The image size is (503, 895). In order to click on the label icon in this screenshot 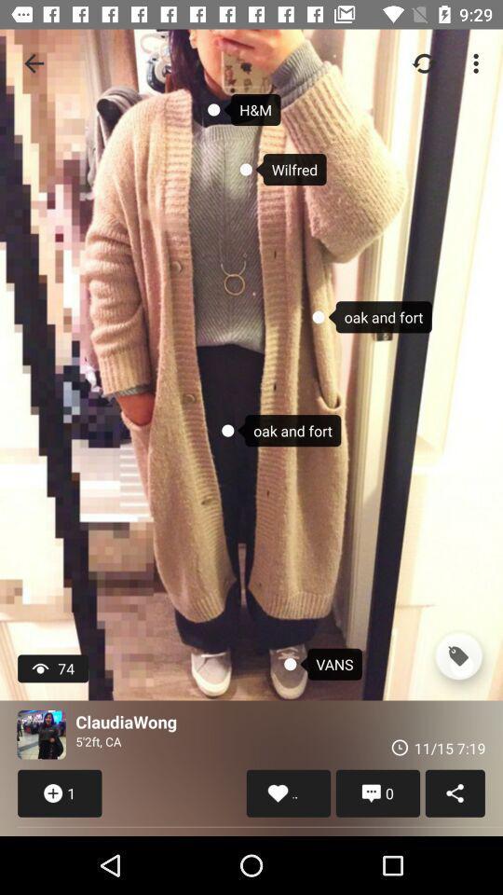, I will do `click(457, 656)`.